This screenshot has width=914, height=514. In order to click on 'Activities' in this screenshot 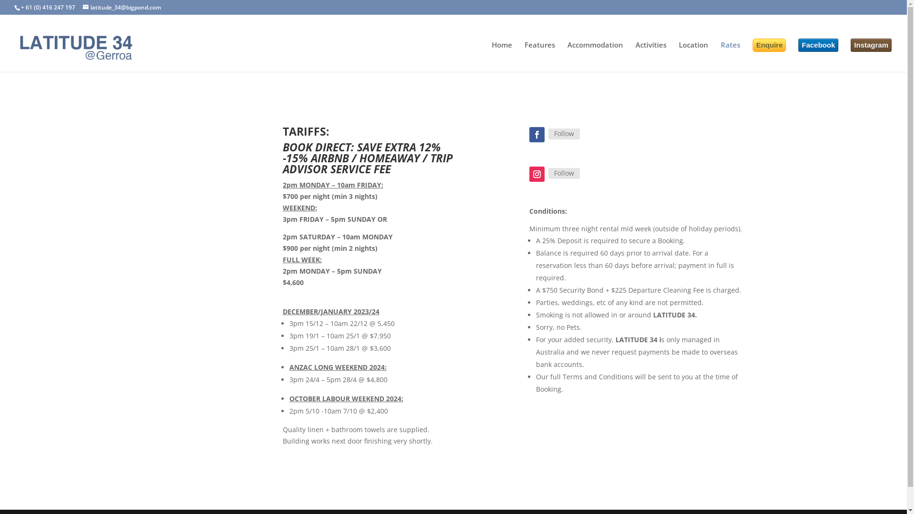, I will do `click(650, 57)`.